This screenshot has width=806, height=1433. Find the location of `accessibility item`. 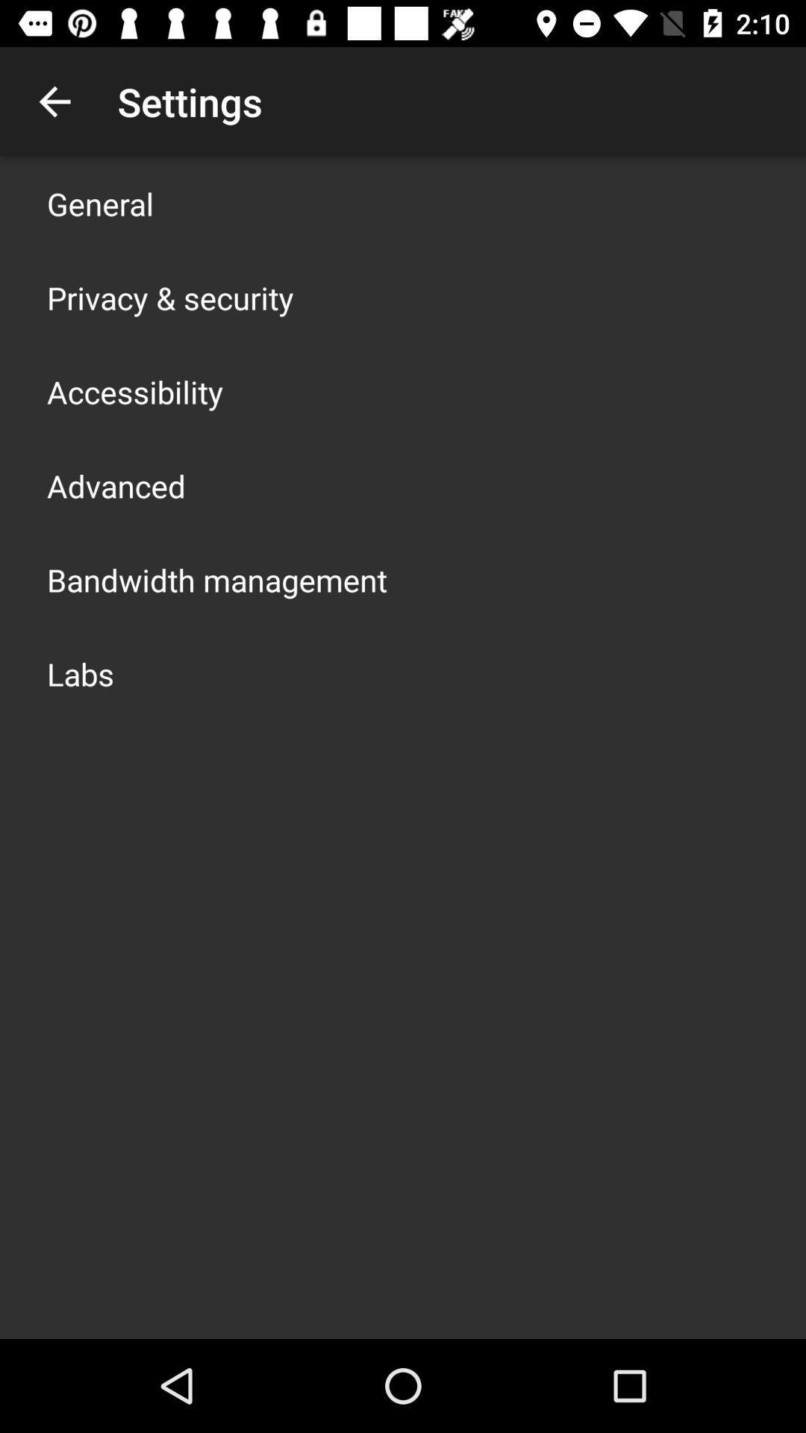

accessibility item is located at coordinates (135, 391).